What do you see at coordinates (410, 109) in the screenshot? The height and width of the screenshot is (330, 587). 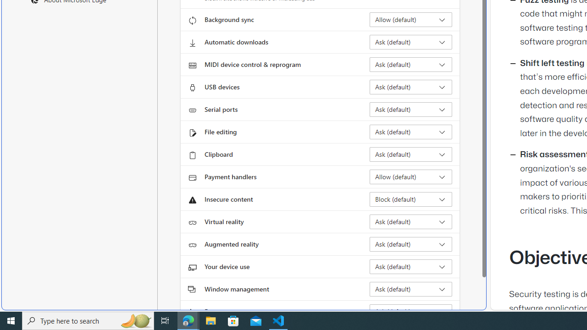 I see `'Serial ports Ask (default)'` at bounding box center [410, 109].